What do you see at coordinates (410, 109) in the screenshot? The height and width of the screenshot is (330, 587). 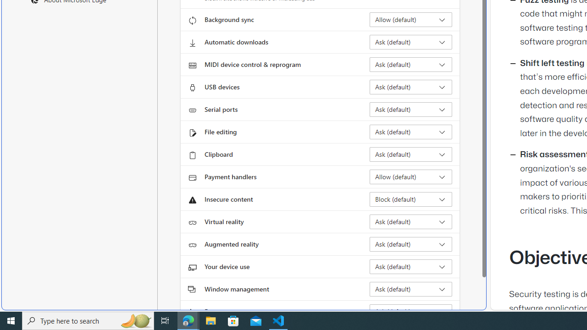 I see `'Serial ports Ask (default)'` at bounding box center [410, 109].